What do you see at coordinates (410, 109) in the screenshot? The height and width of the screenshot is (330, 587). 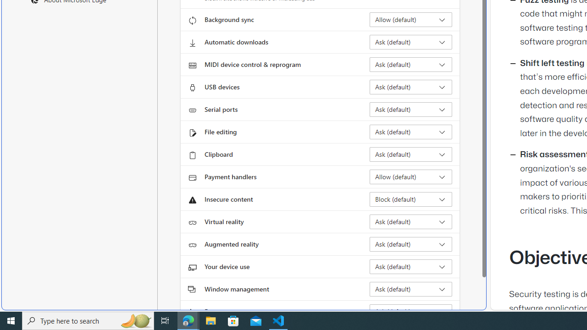 I see `'Serial ports Ask (default)'` at bounding box center [410, 109].